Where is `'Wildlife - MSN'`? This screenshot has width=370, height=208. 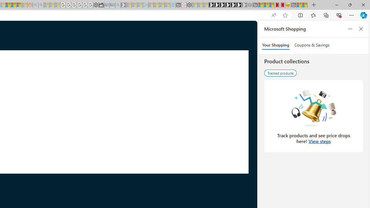 'Wildlife - MSN' is located at coordinates (299, 5).